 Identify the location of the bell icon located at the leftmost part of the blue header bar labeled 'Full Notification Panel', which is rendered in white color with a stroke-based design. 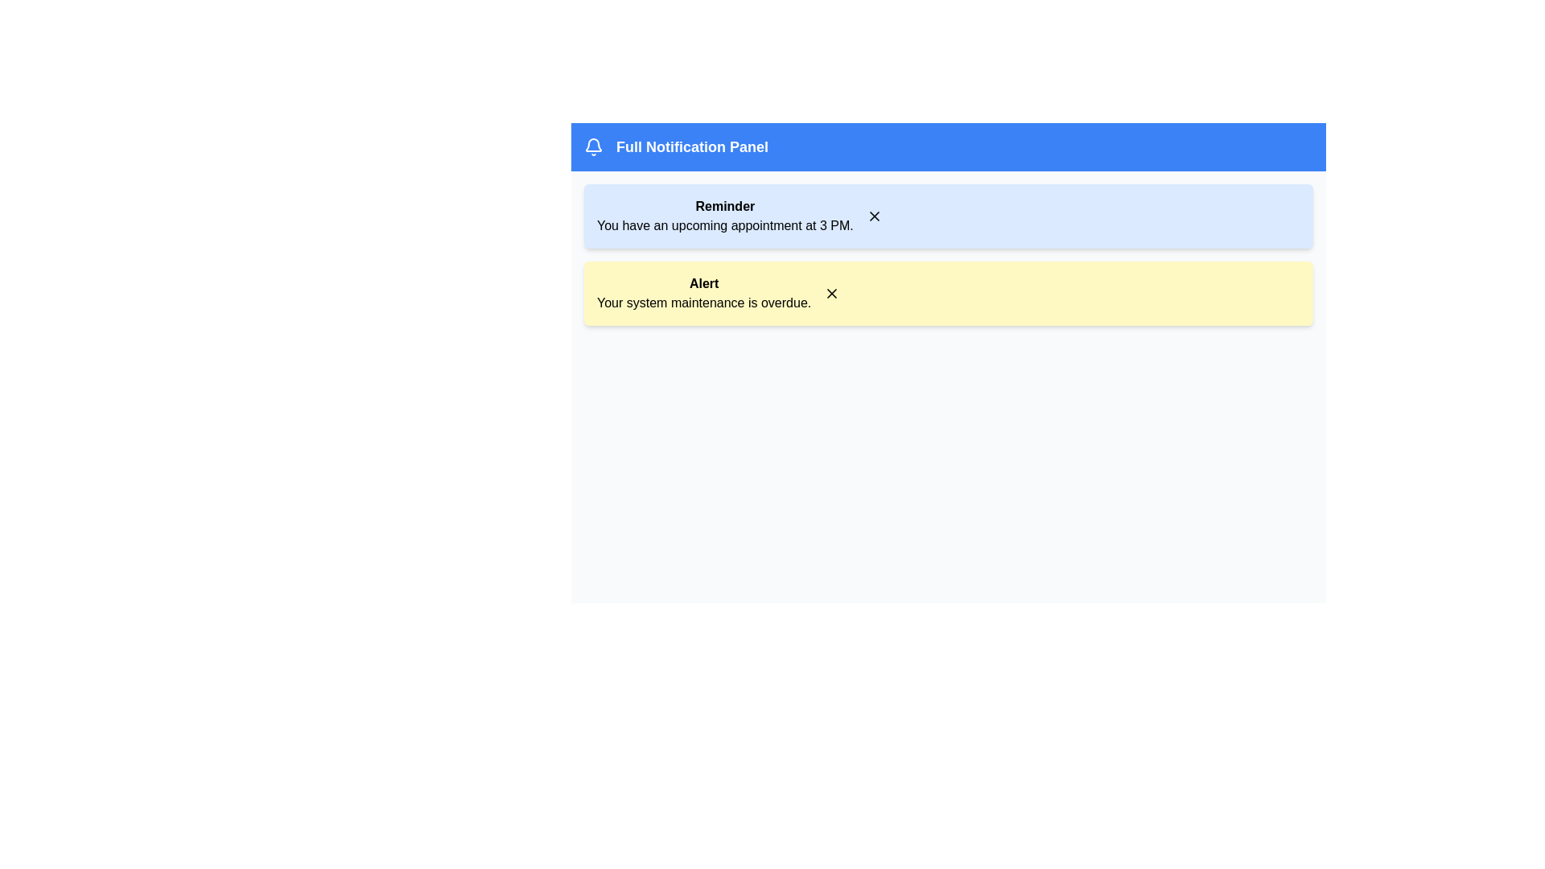
(593, 146).